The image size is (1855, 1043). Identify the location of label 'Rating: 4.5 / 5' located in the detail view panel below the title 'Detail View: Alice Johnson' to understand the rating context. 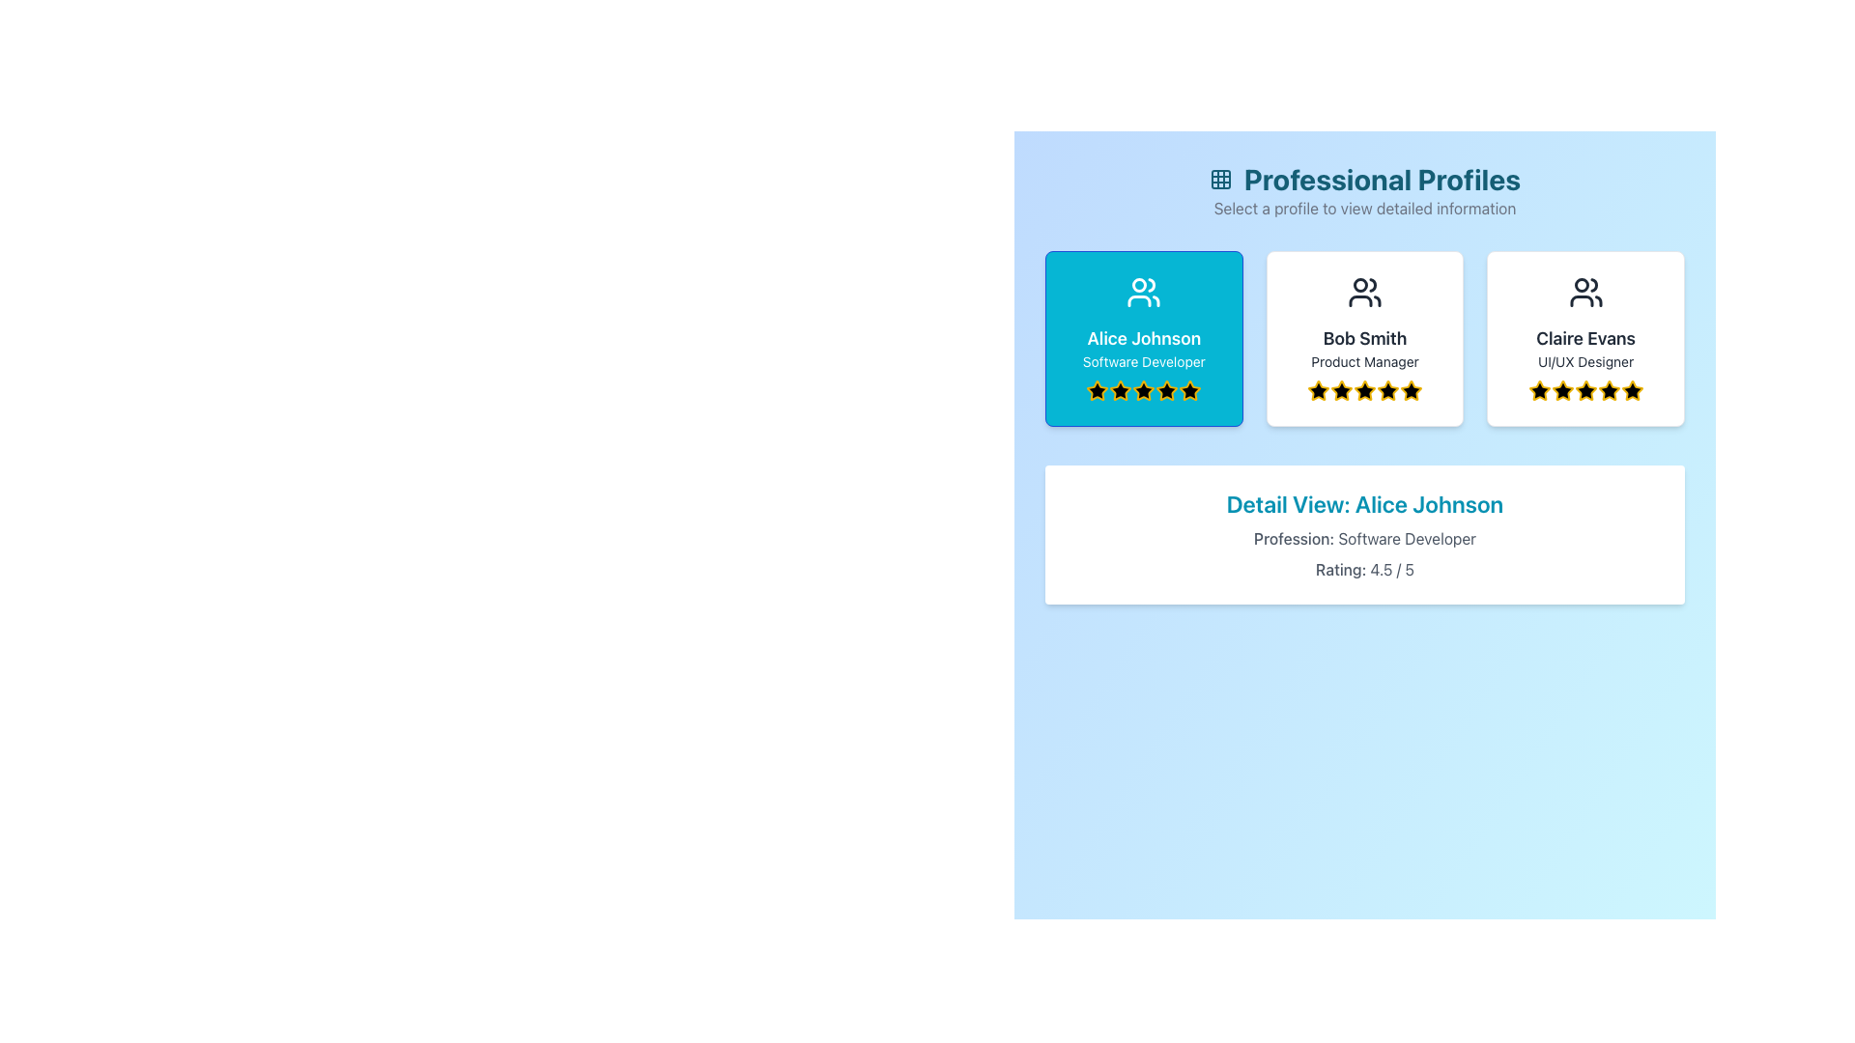
(1340, 569).